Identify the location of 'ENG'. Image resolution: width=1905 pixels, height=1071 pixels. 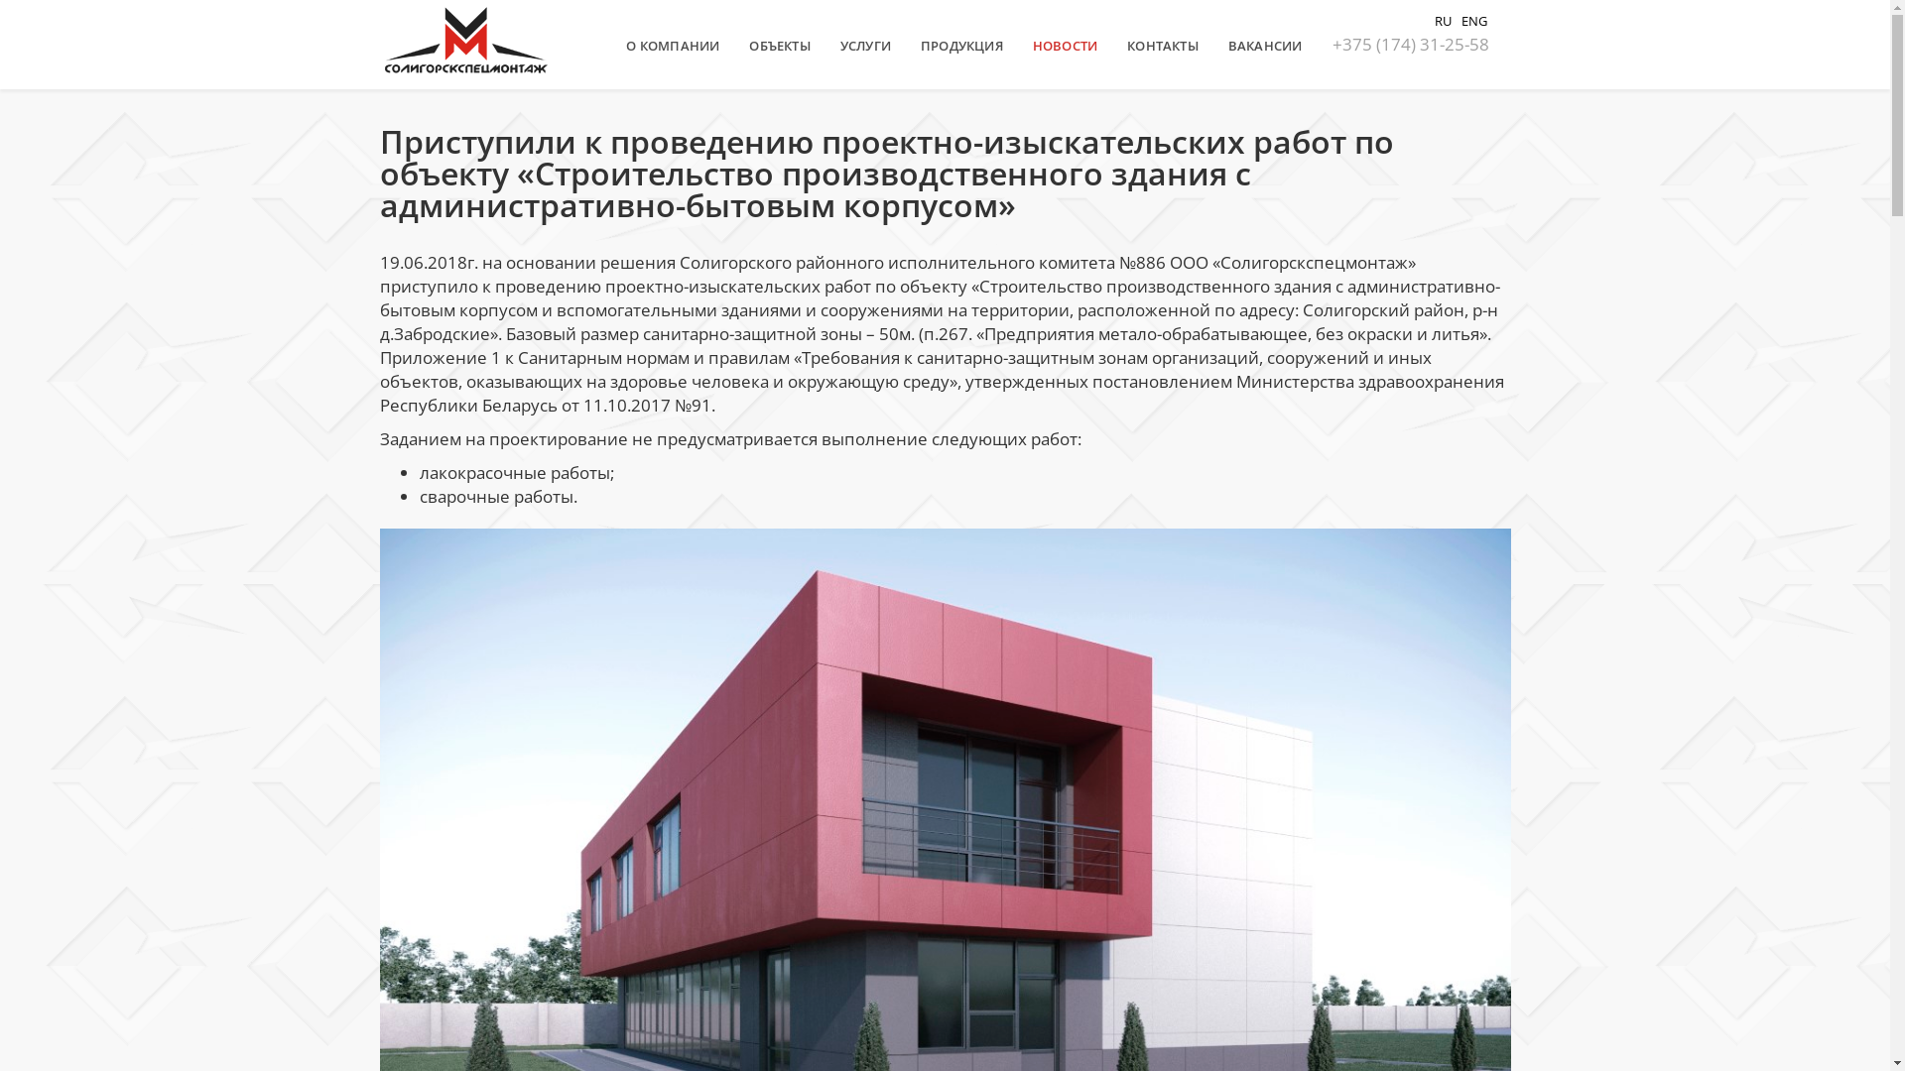
(1472, 20).